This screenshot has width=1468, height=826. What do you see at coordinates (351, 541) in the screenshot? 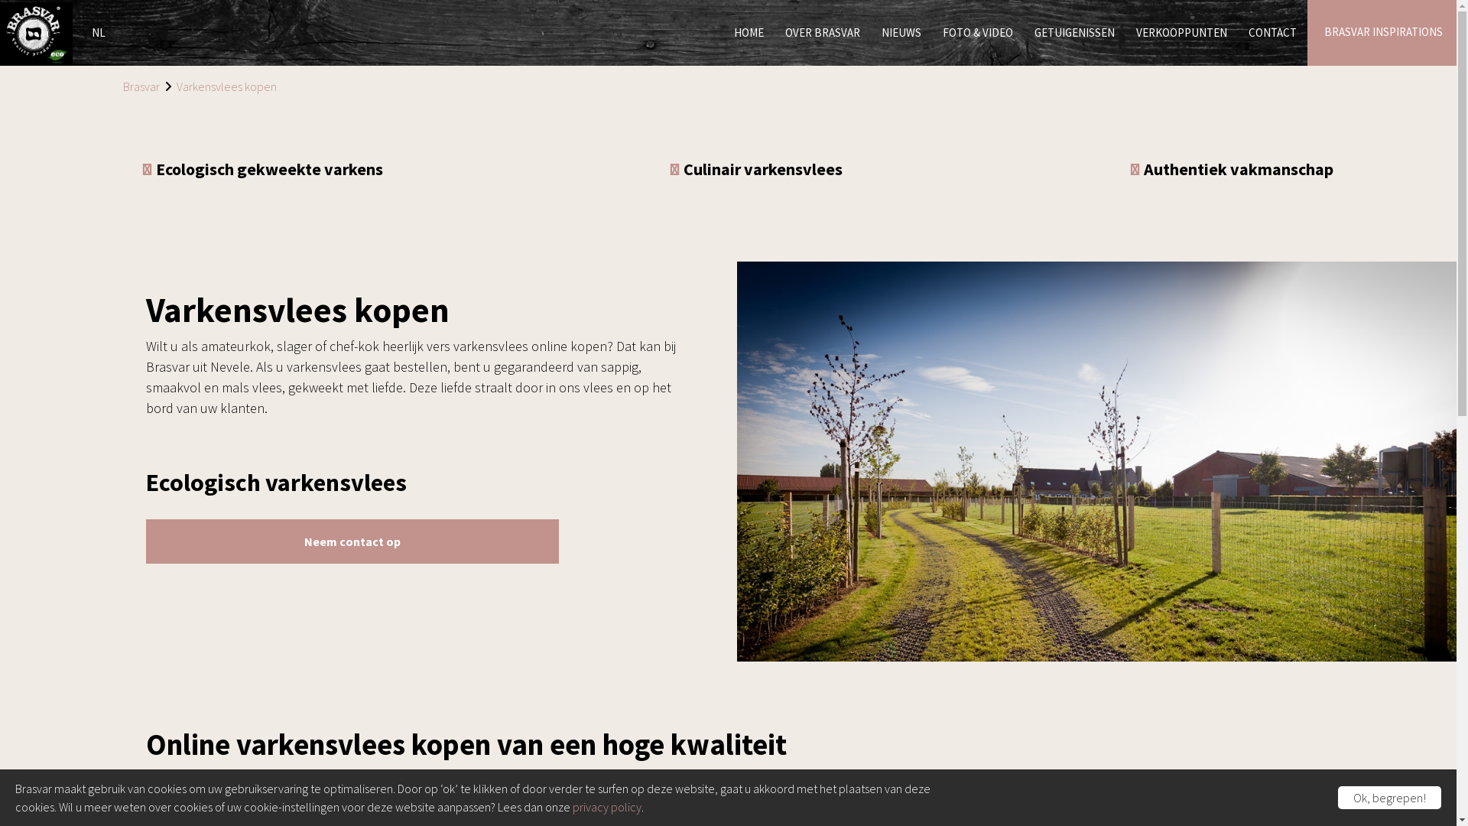
I see `'Neem contact op'` at bounding box center [351, 541].